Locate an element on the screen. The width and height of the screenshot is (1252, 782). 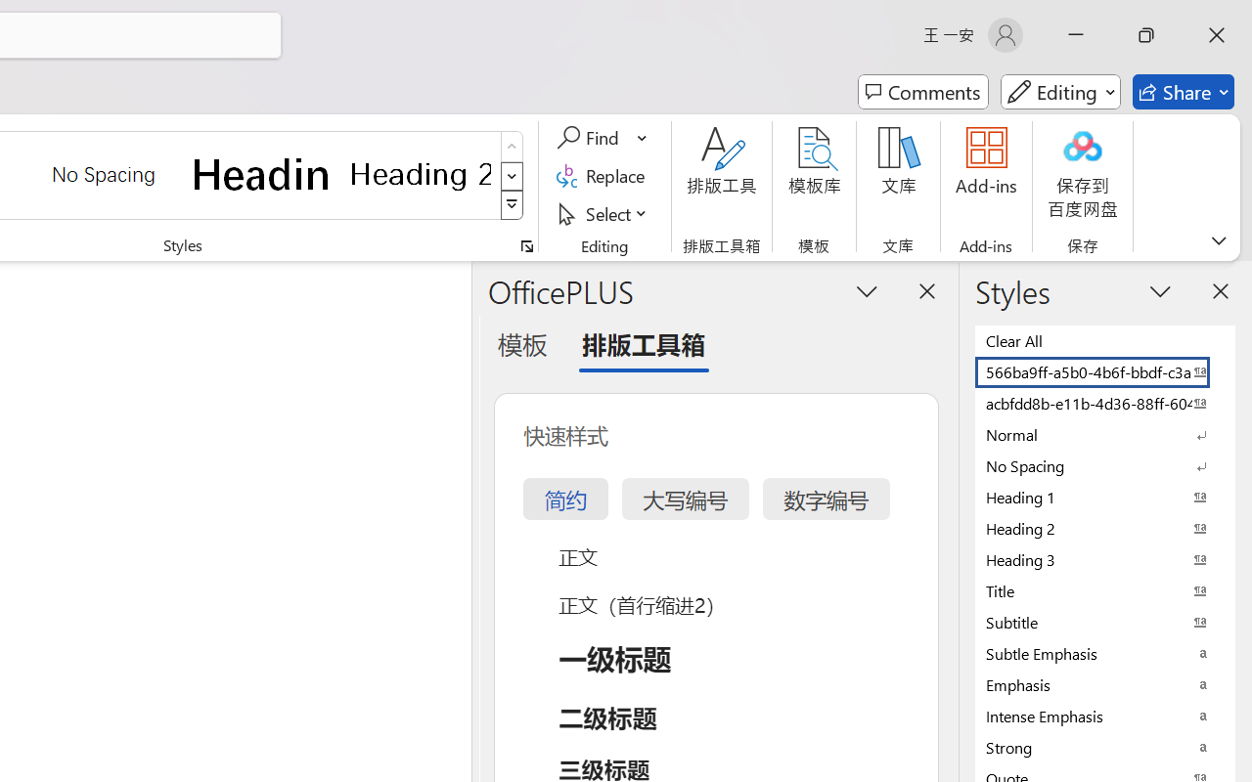
'Minimize' is located at coordinates (1075, 34).